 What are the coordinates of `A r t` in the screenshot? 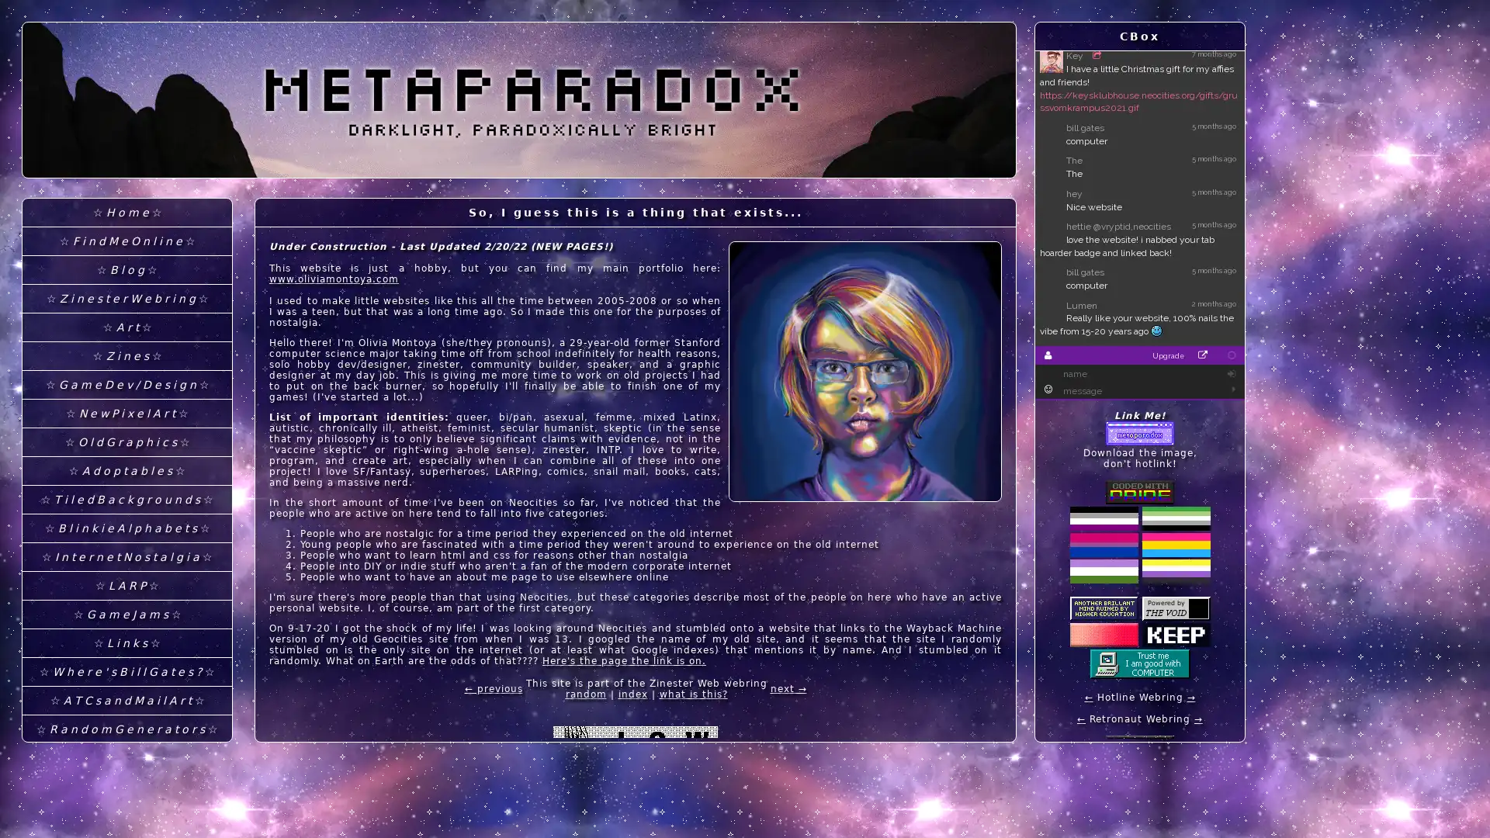 It's located at (126, 327).